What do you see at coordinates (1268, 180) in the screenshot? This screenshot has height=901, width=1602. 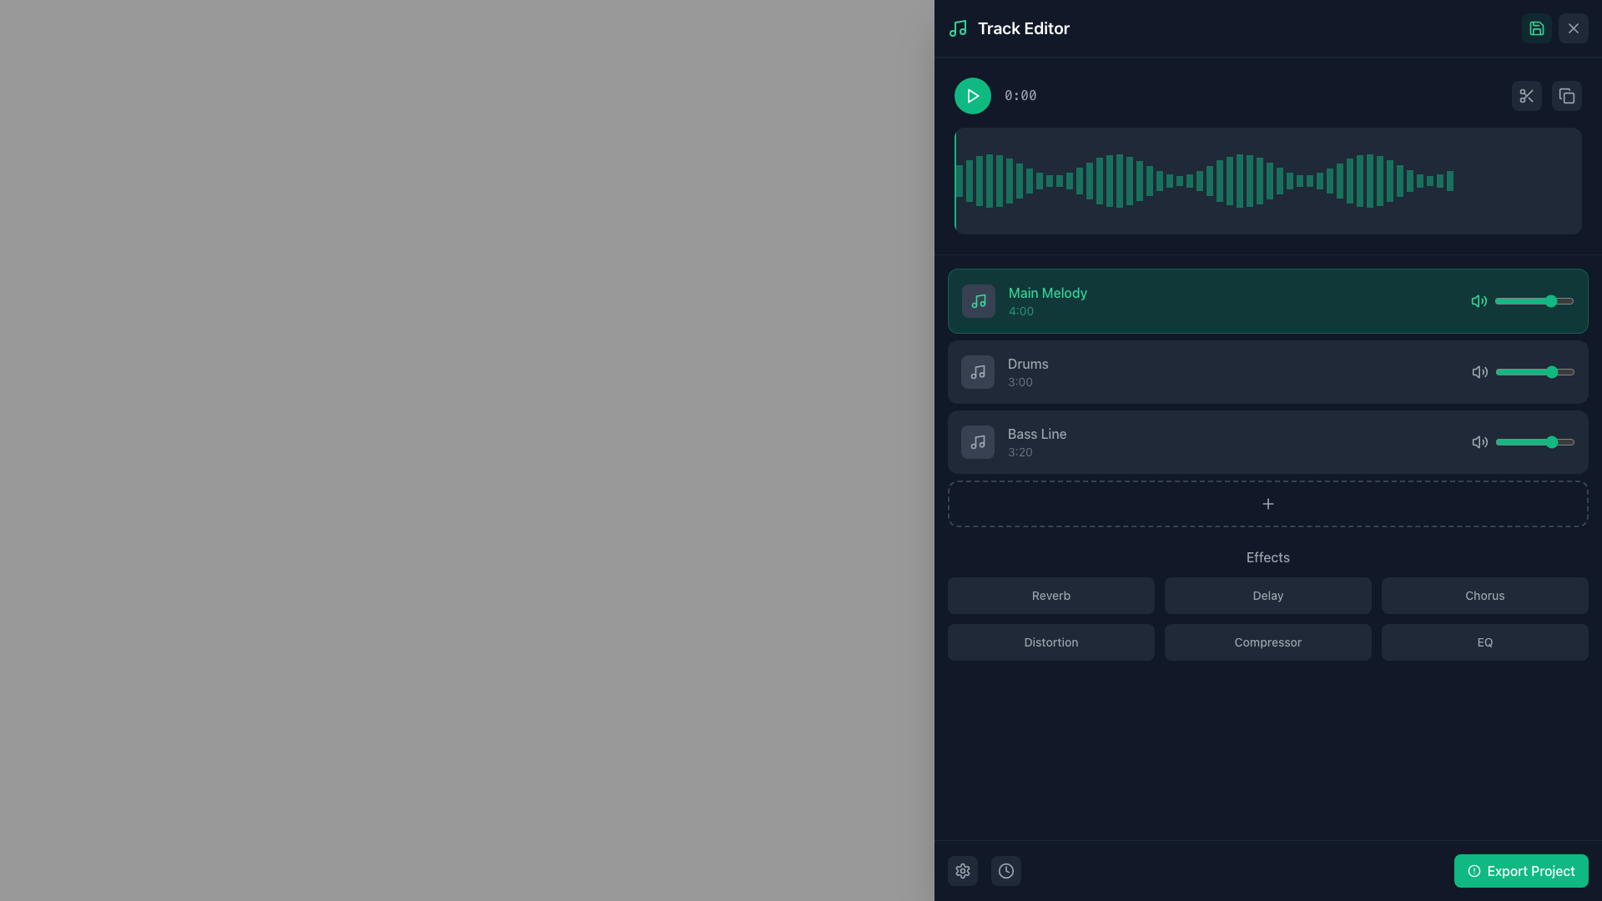 I see `the visual representation of the audio waveform displayed in the waveform visualizer located beneath the playback controls` at bounding box center [1268, 180].